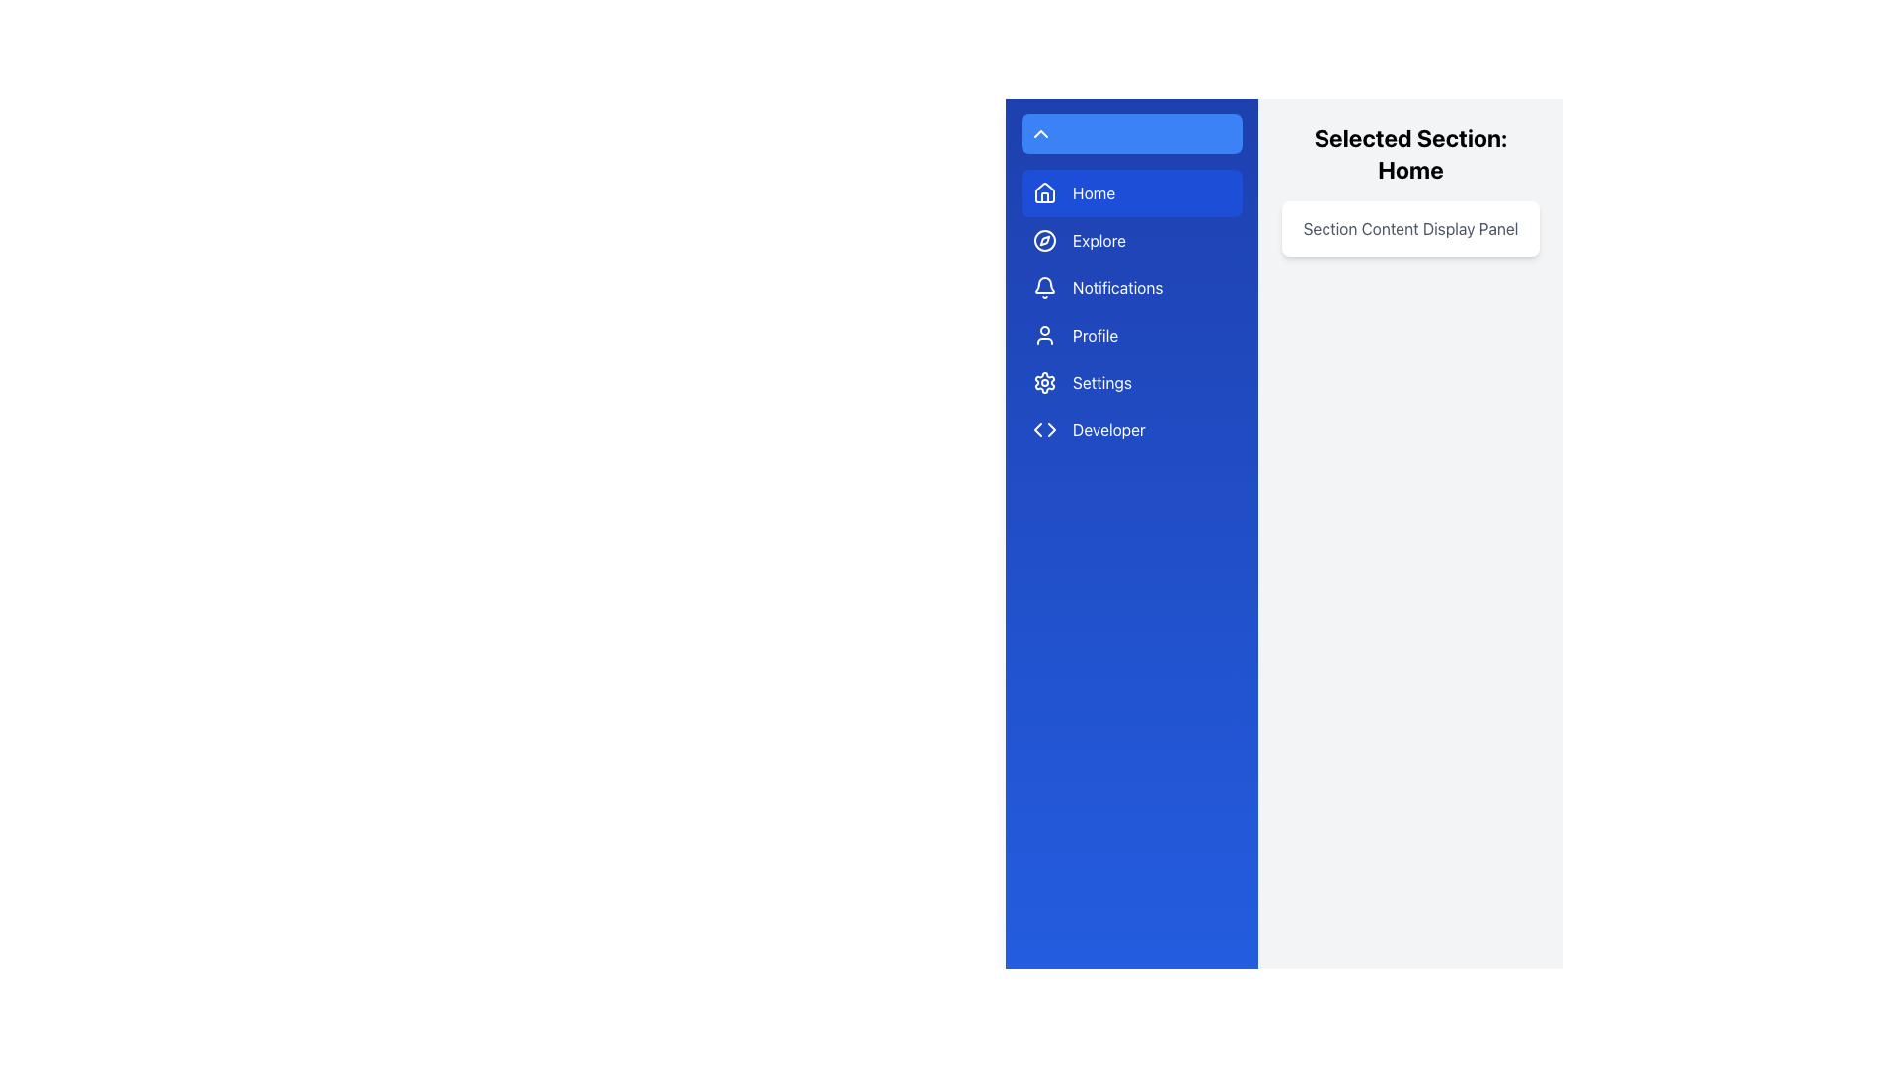  Describe the element at coordinates (1409, 152) in the screenshot. I see `the text display that shows 'Selected Section: Home' in a bold, extra-large font style, located within a light gray panel on the right side of the interface` at that location.